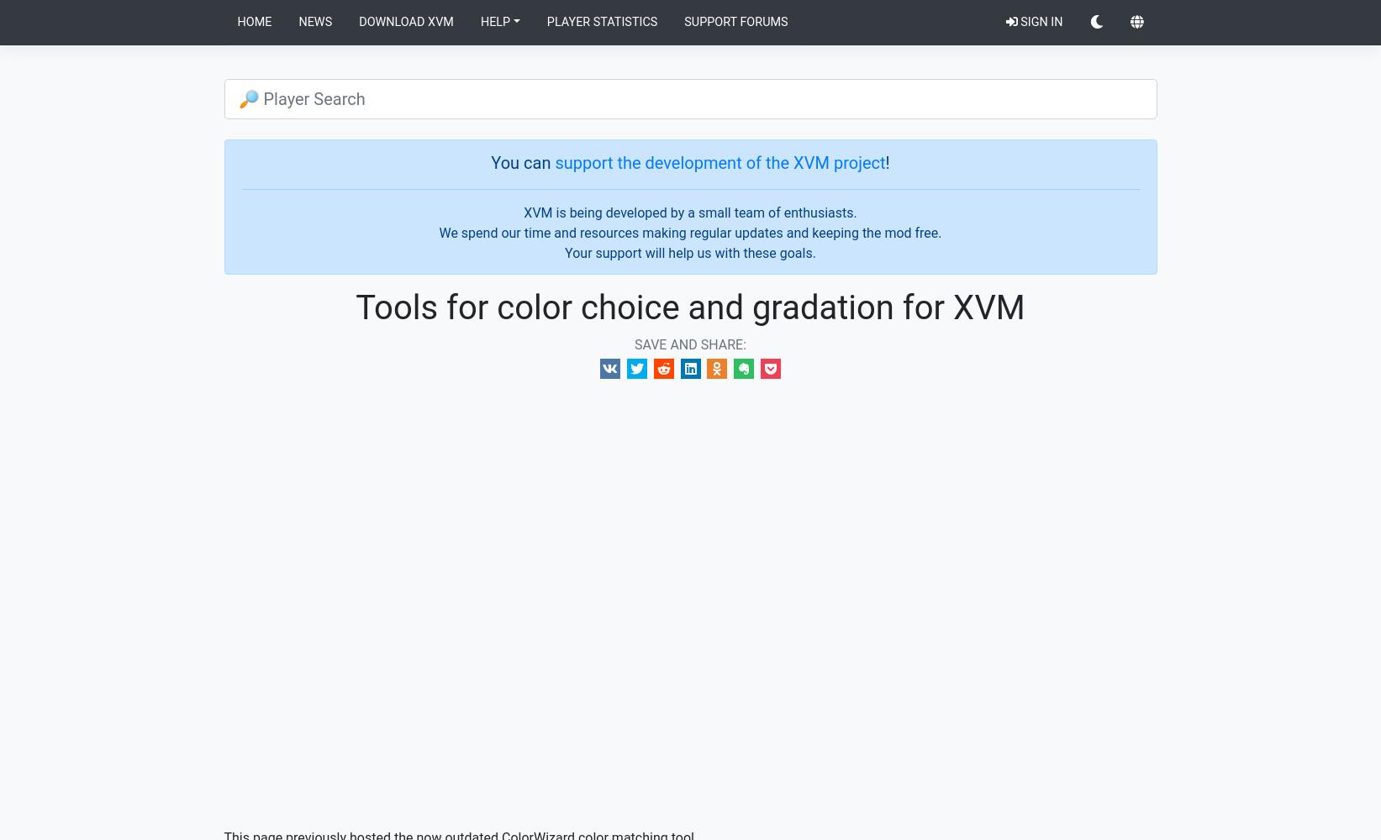 Image resolution: width=1381 pixels, height=840 pixels. Describe the element at coordinates (690, 232) in the screenshot. I see `'We spend our time and resources making regular updates and keeping the mod free.'` at that location.